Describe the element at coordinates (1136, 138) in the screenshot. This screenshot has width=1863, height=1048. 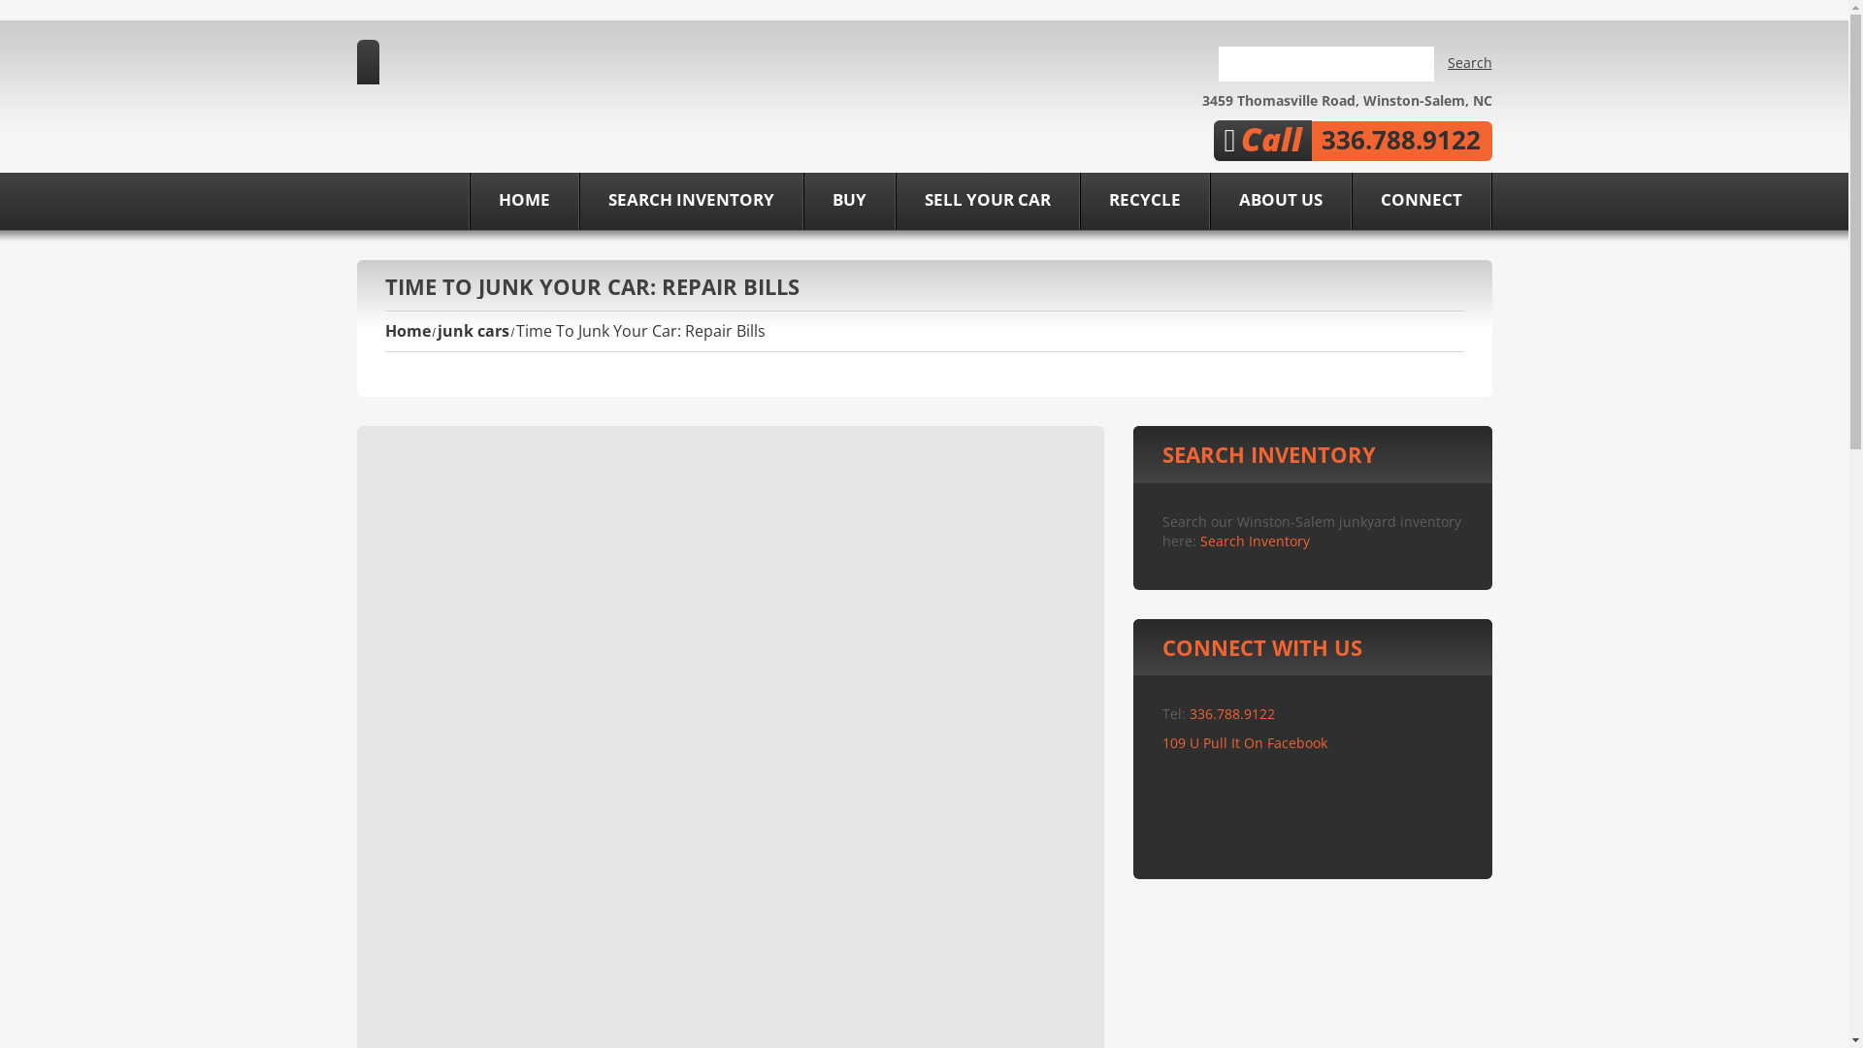
I see `'Like us on Facebook'` at that location.